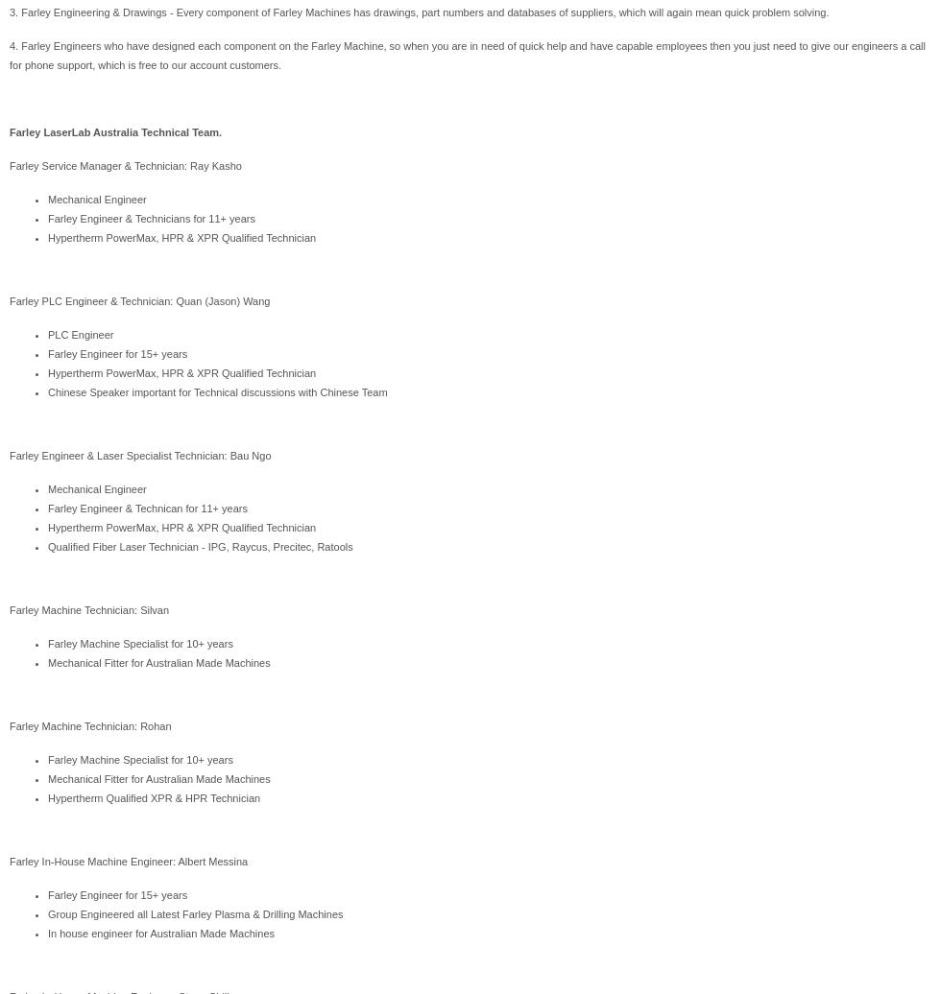 This screenshot has height=994, width=941. Describe the element at coordinates (195, 914) in the screenshot. I see `'Group Engineered all Latest Farley Plasma & Drilling Machines'` at that location.